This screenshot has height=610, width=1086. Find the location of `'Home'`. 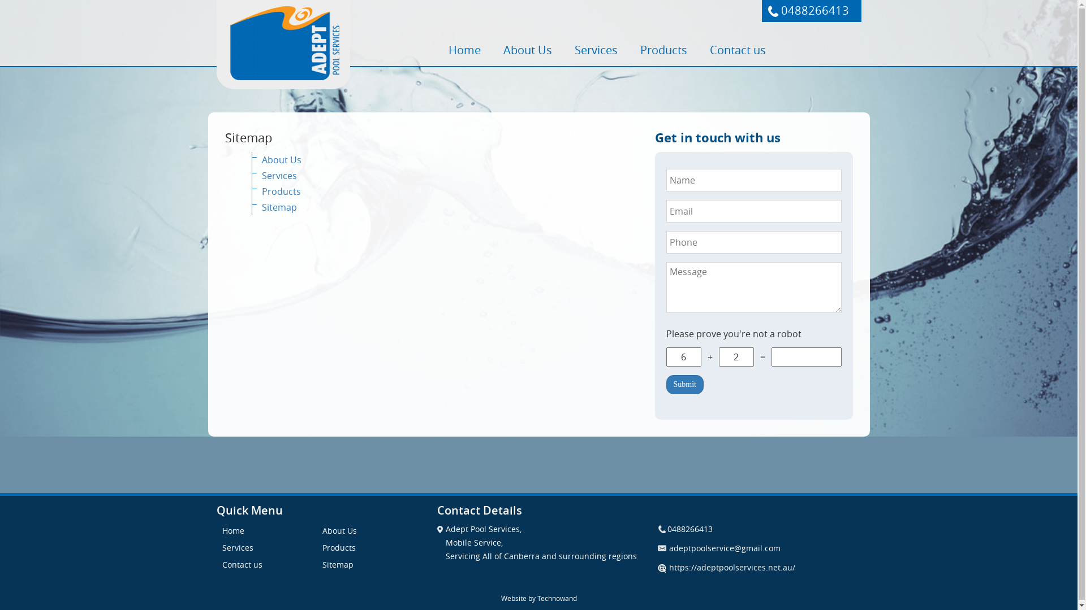

'Home' is located at coordinates (464, 49).